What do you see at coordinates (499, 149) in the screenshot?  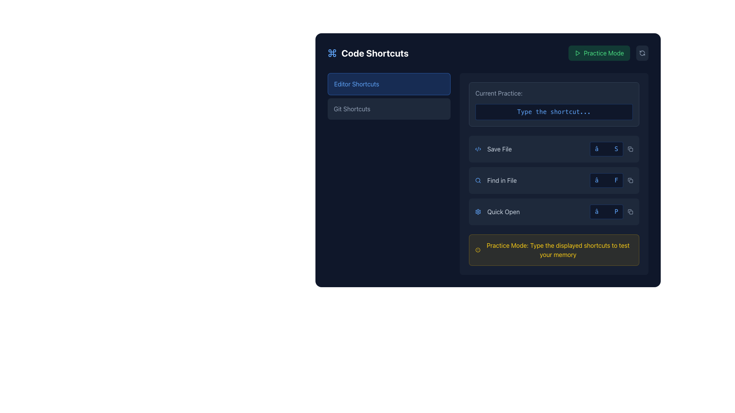 I see `text of the 'Save File' label, which is displayed in light grey against a dark background, located in the second row of the 'Current Practice' section` at bounding box center [499, 149].